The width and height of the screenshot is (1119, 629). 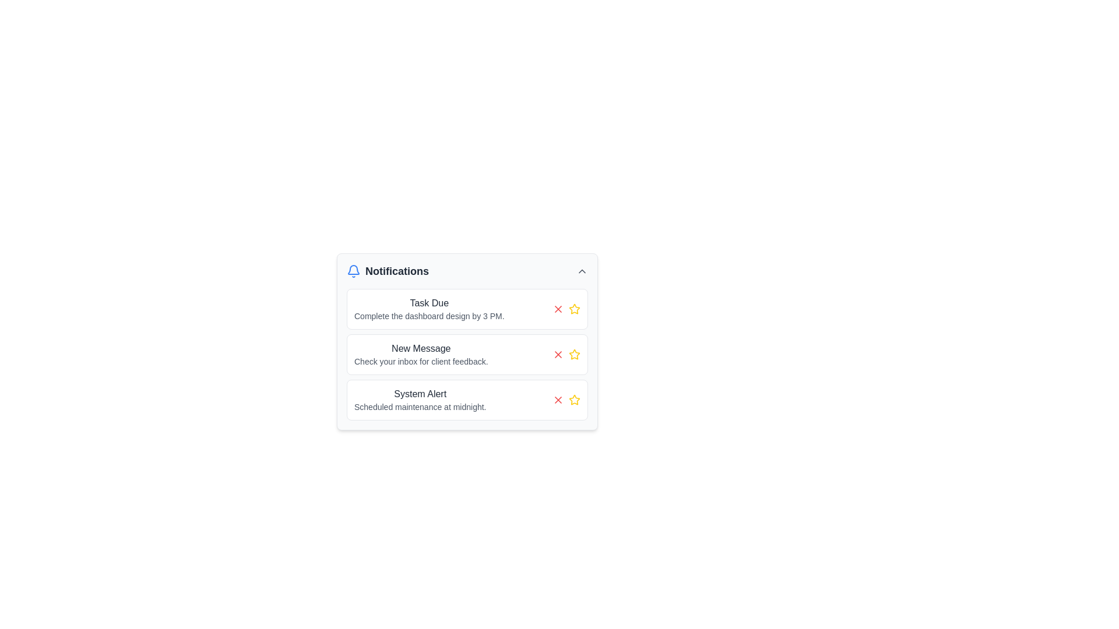 What do you see at coordinates (574, 354) in the screenshot?
I see `the star icon located at the far right of the 'New Message' row in the notification panel` at bounding box center [574, 354].